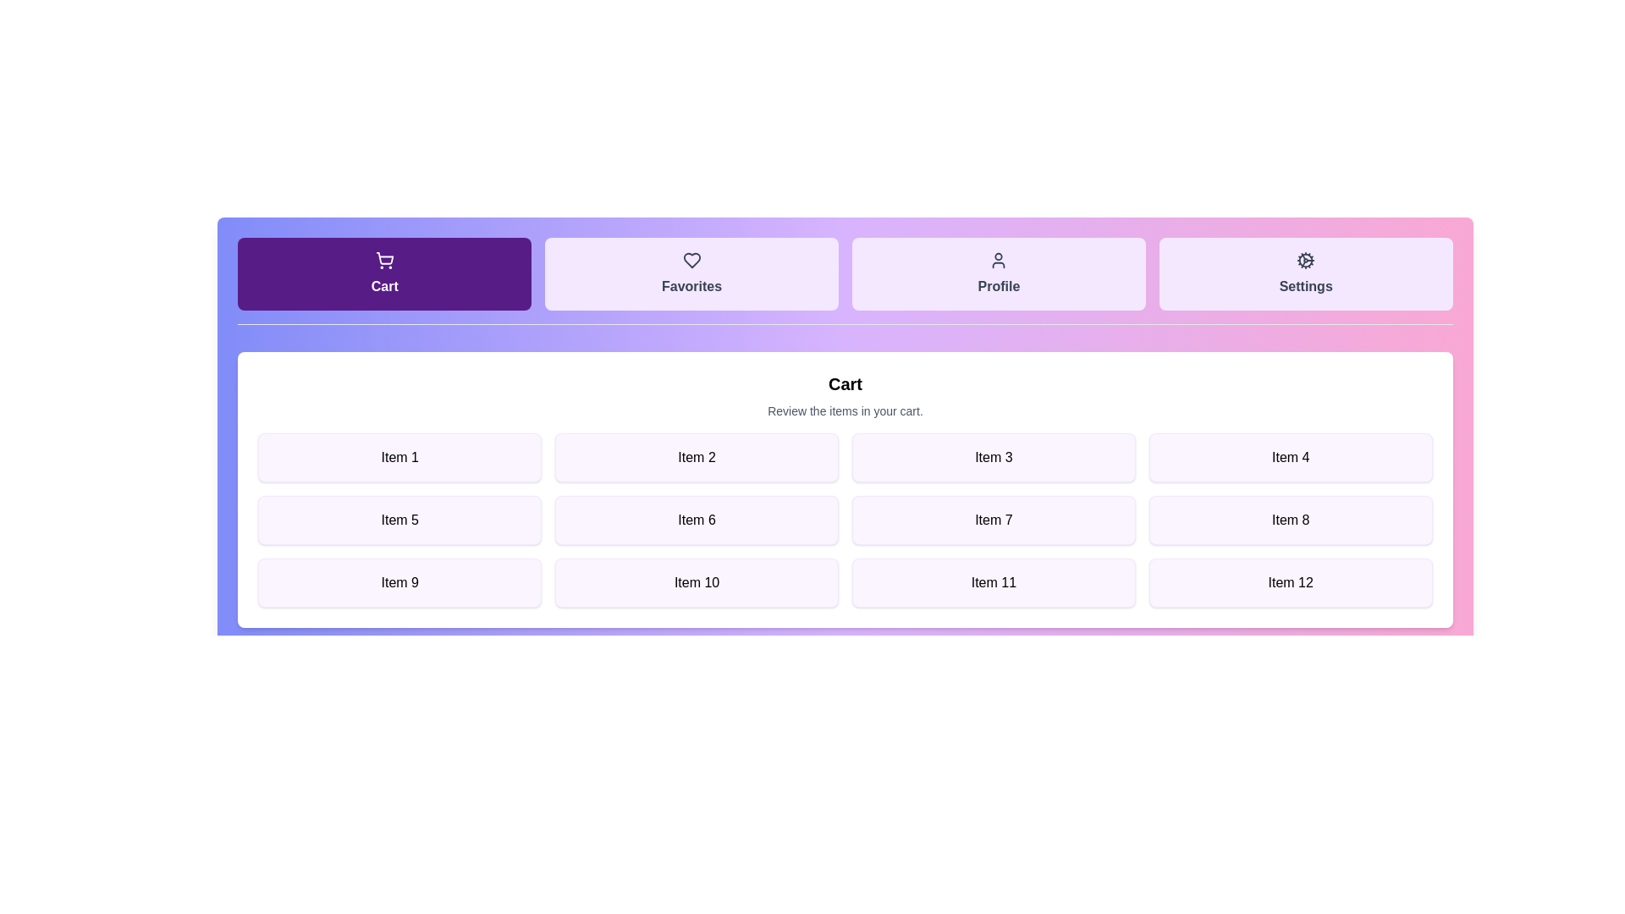  Describe the element at coordinates (383, 273) in the screenshot. I see `the tab labeled Cart` at that location.